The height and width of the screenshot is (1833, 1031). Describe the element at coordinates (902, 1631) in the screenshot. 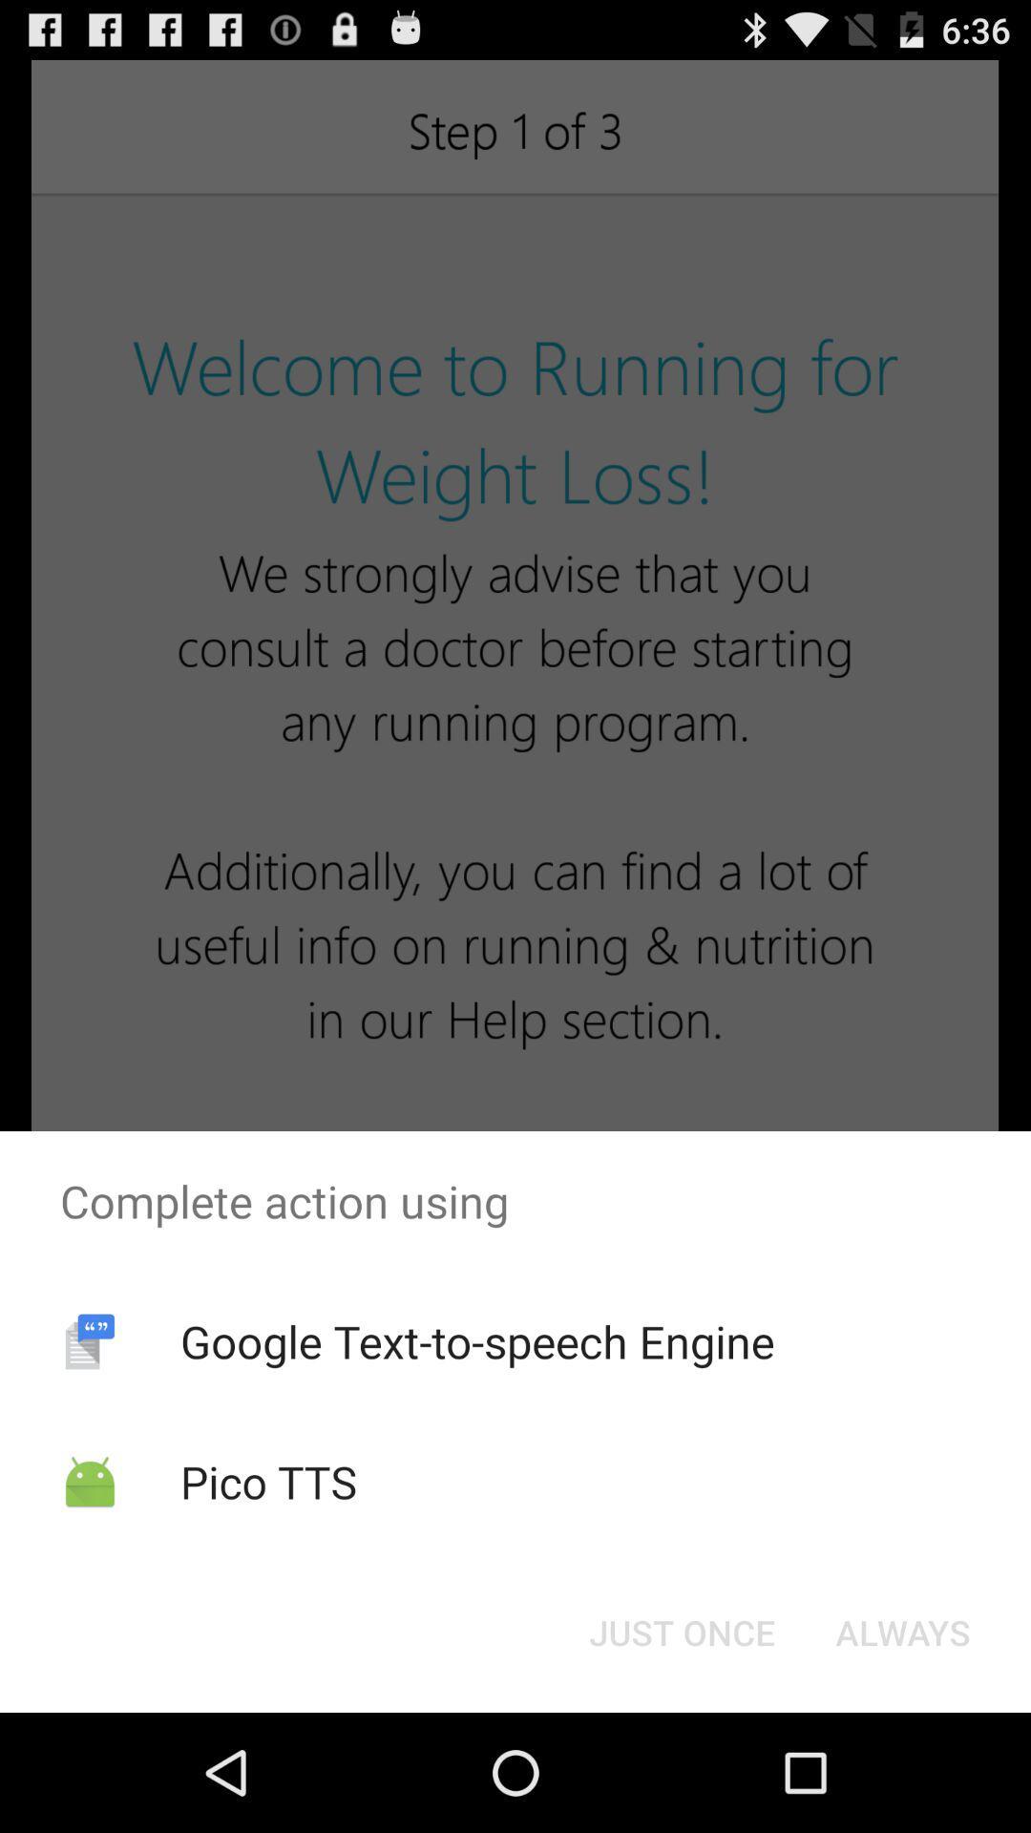

I see `the always item` at that location.